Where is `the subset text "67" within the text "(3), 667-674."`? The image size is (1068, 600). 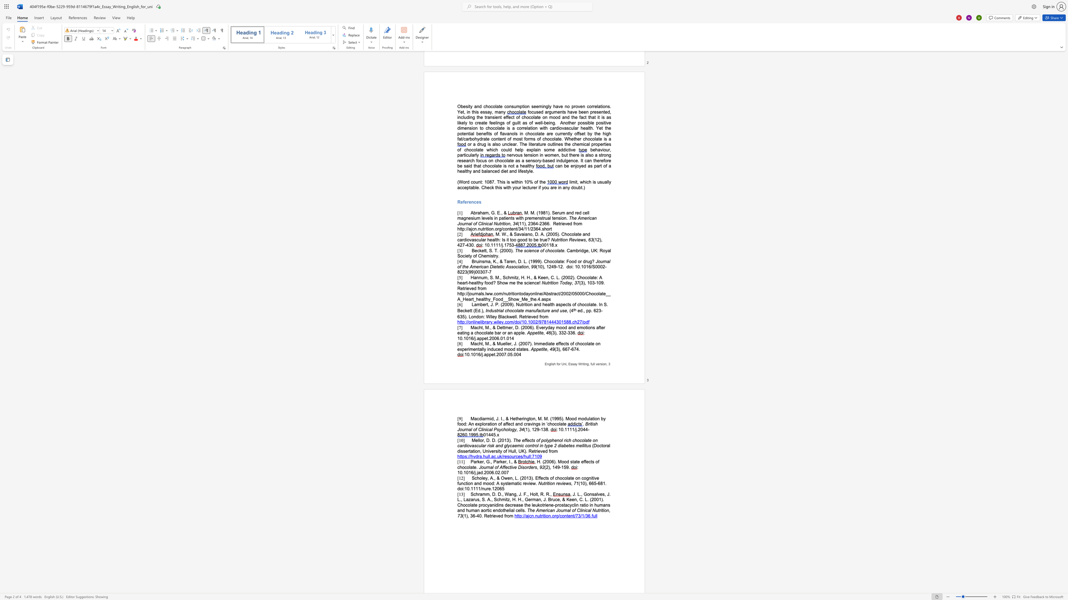
the subset text "67" within the text "(3), 667-674." is located at coordinates (564, 349).